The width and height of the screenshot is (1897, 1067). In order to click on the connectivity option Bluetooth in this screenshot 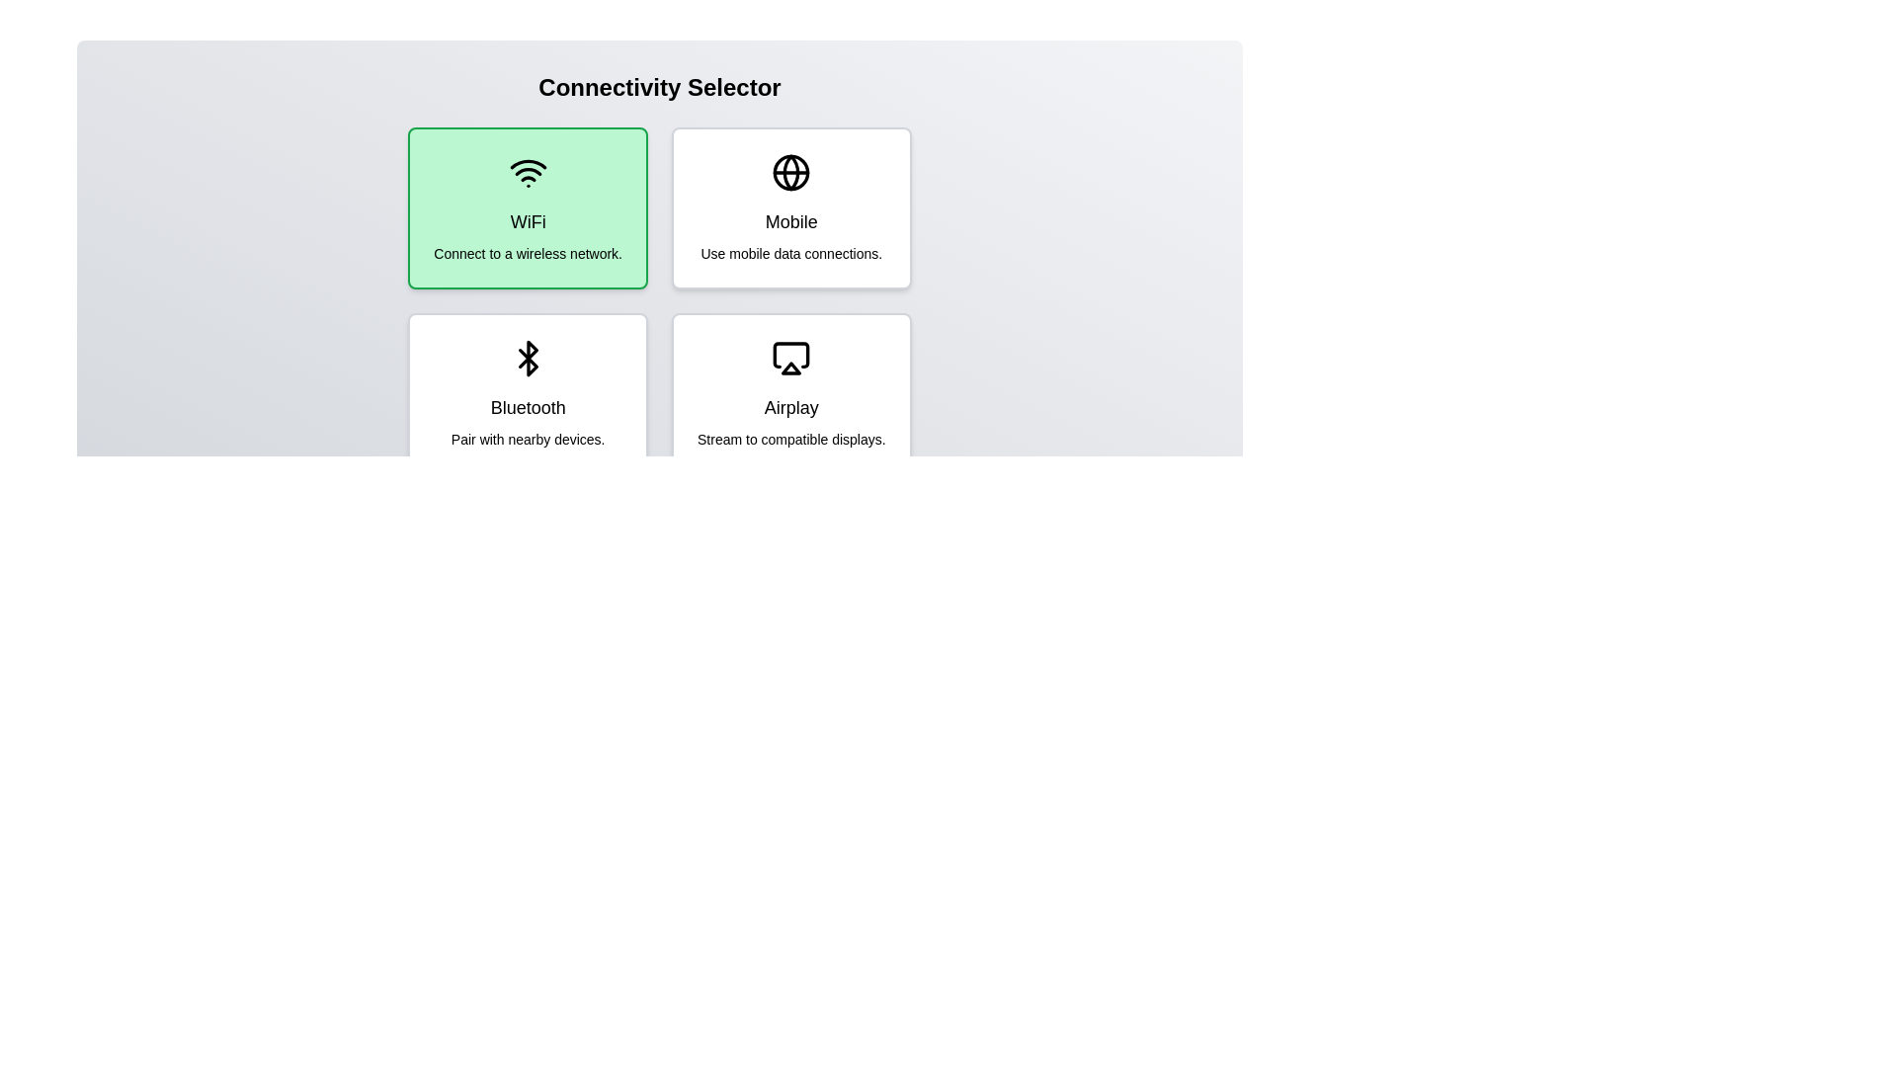, I will do `click(528, 393)`.